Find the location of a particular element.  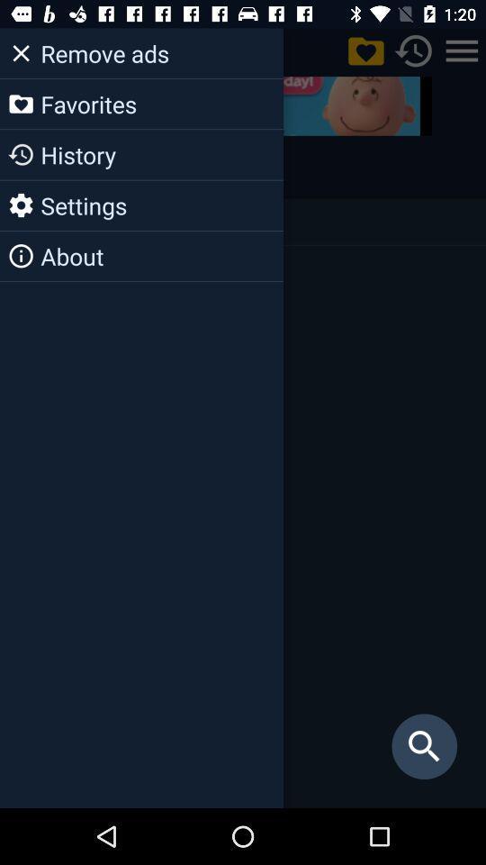

the menu icon is located at coordinates (462, 50).